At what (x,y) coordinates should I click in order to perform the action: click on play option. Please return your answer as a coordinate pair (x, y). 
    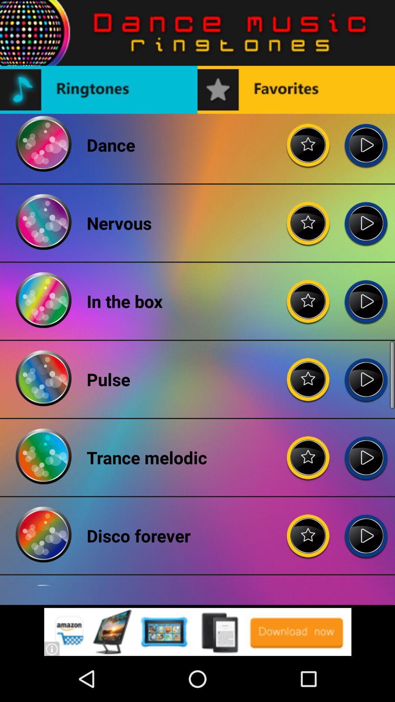
    Looking at the image, I should click on (366, 217).